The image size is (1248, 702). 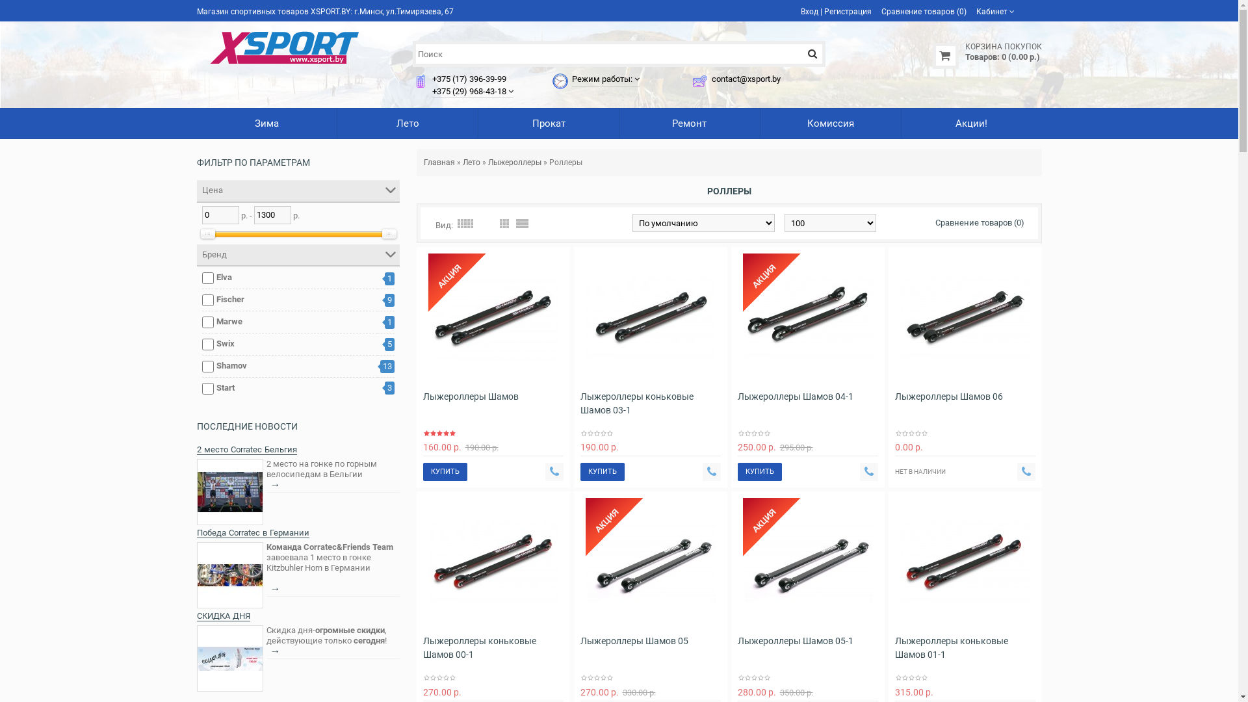 I want to click on '+375 (17) 396-39-99', so click(x=432, y=79).